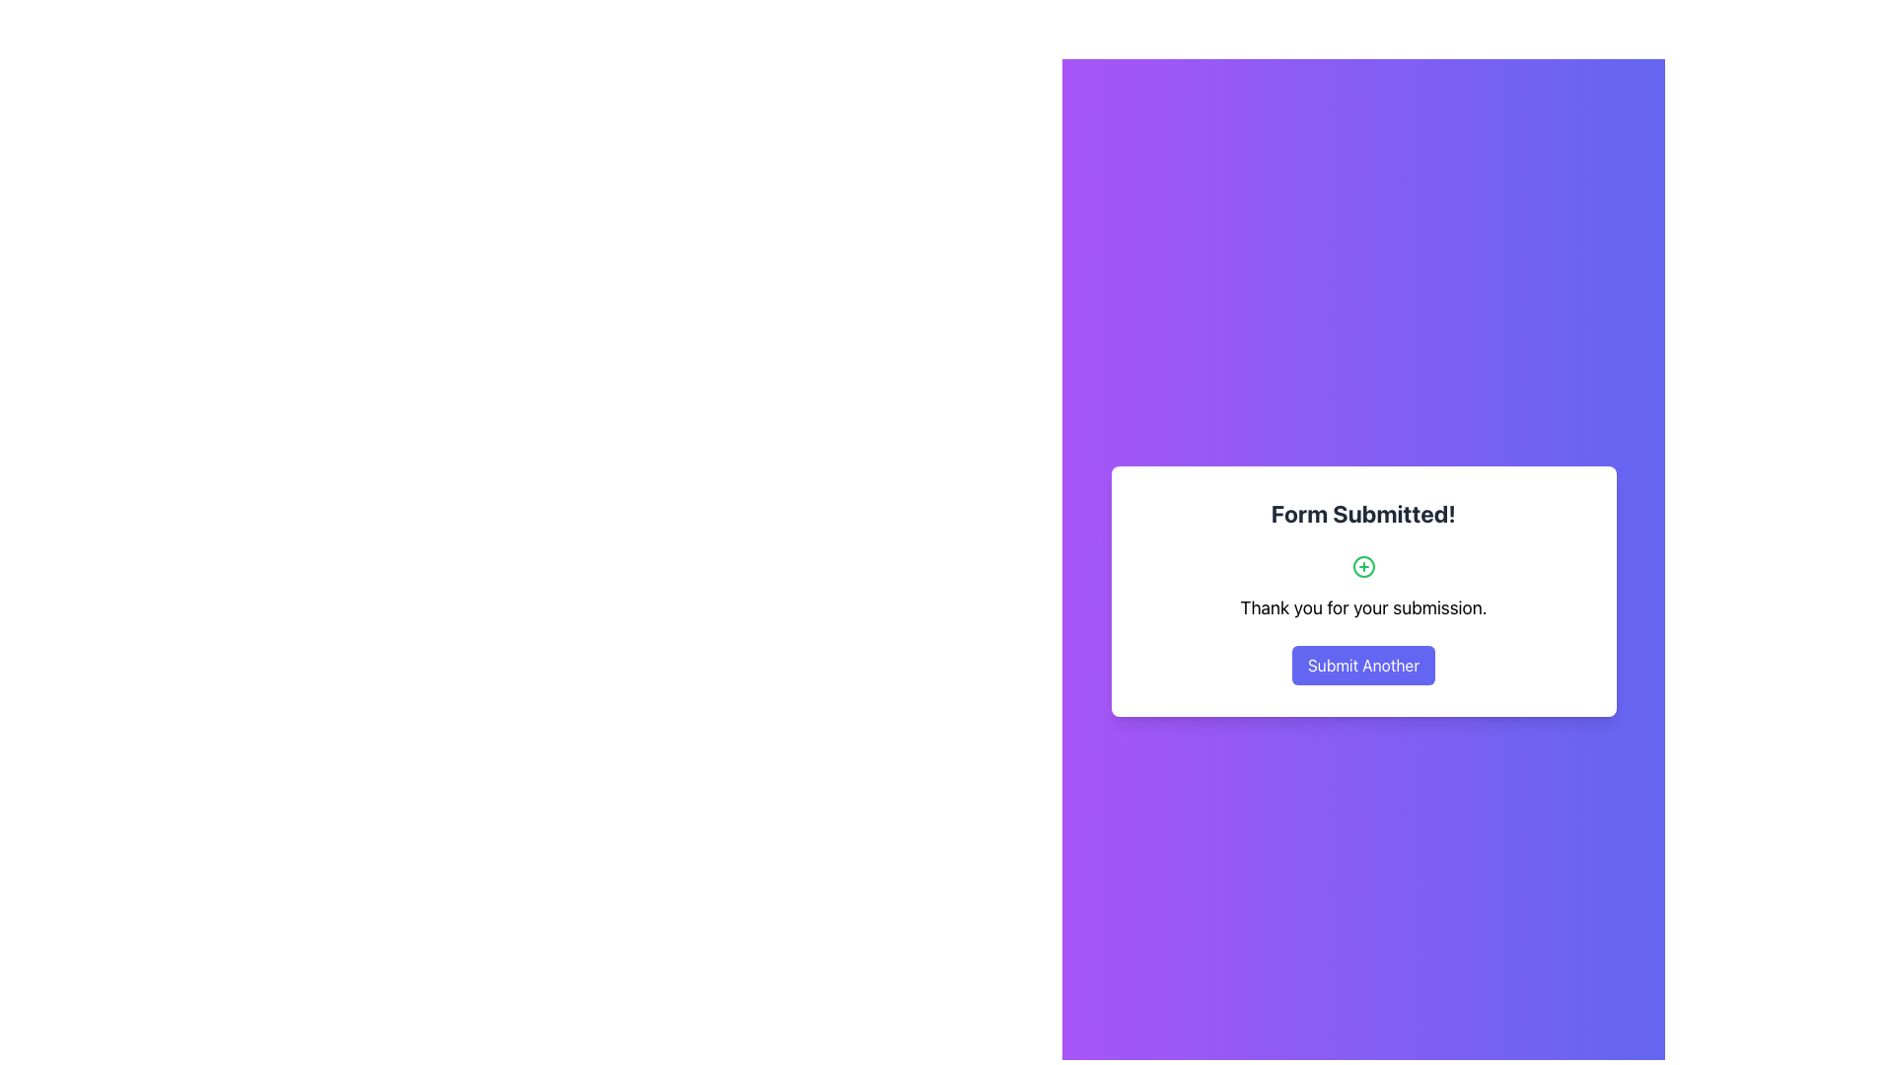  I want to click on the confirmation plus icon in the Message Dialog Box that indicates successful form submission, so click(1362, 591).